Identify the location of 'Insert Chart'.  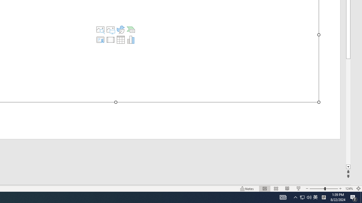
(130, 39).